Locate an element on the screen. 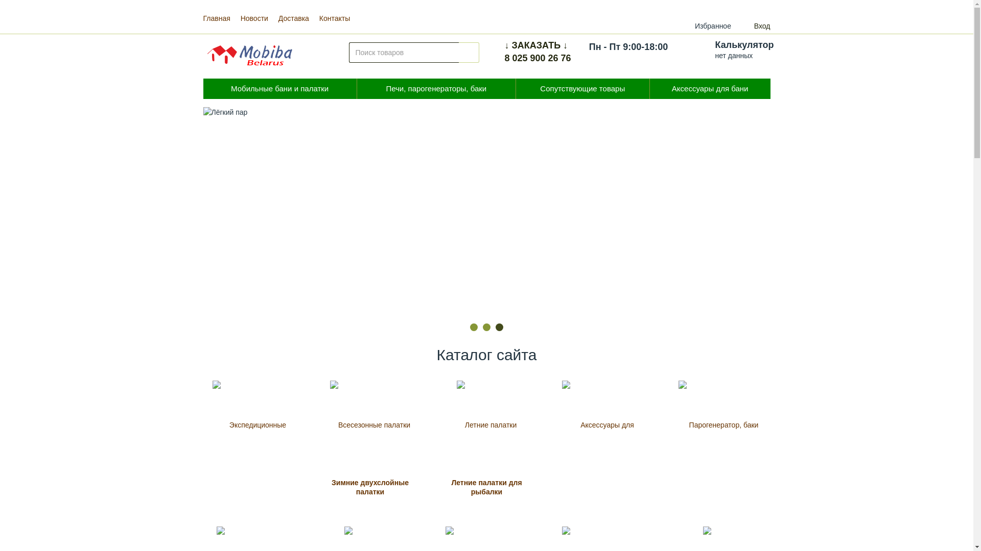  '8 025 900 26 76' is located at coordinates (537, 58).